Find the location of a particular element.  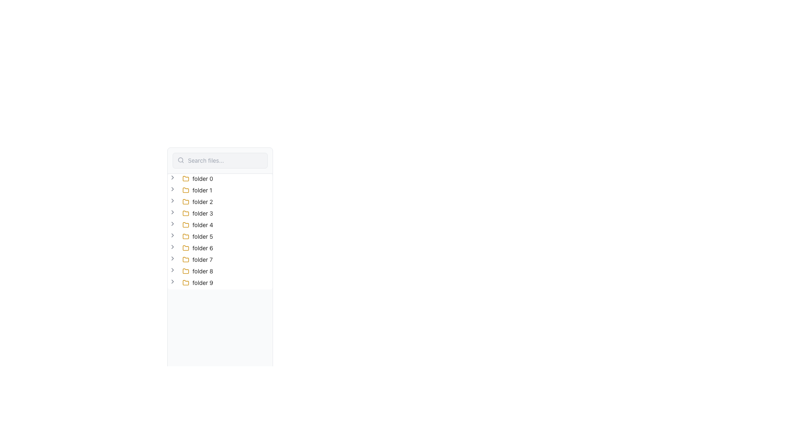

the text 'folder 5' in the expandable tree view is located at coordinates (192, 237).